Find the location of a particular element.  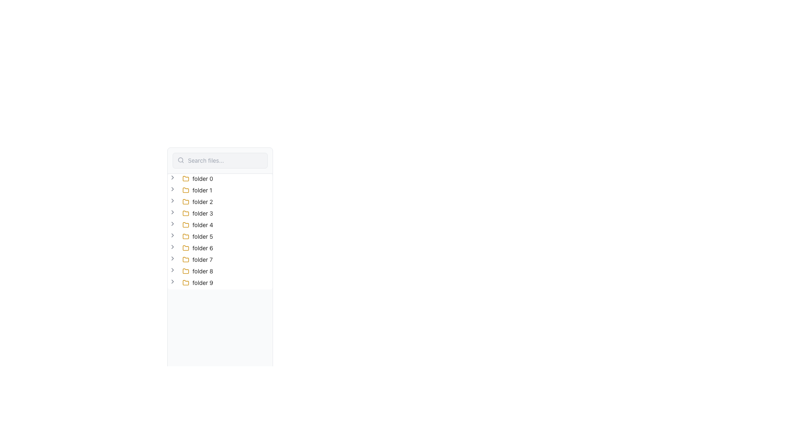

the text 'folder 5' in the expandable tree view is located at coordinates (192, 237).